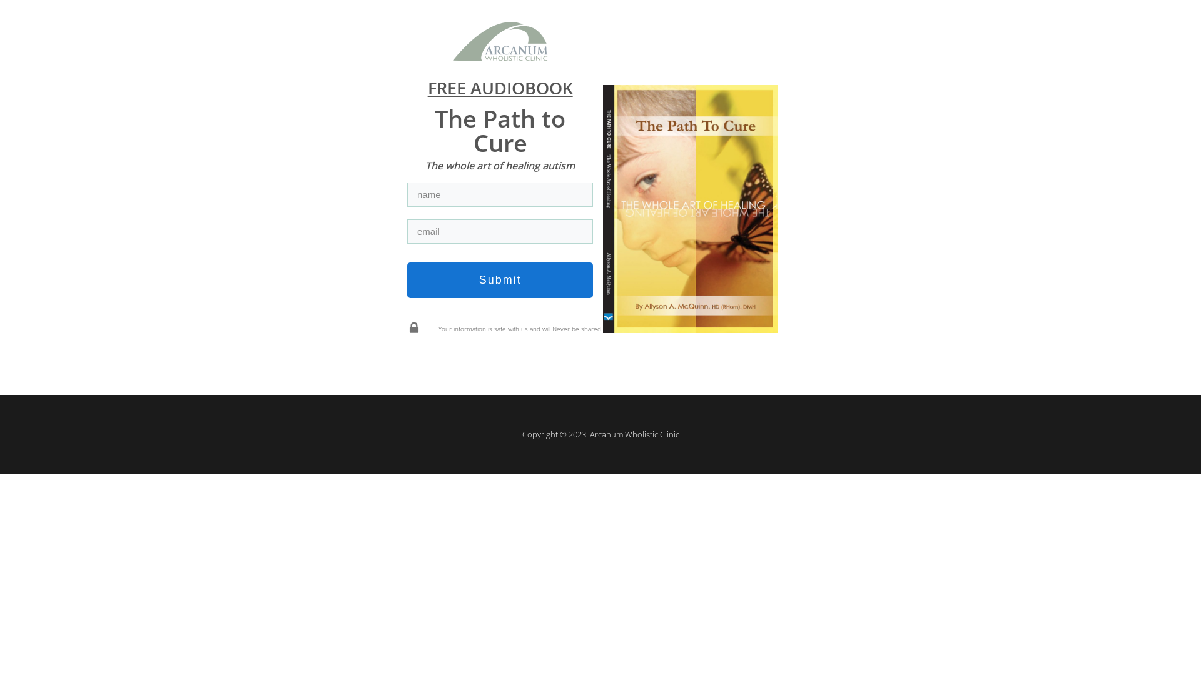 The width and height of the screenshot is (1201, 675). Describe the element at coordinates (689, 208) in the screenshot. I see `'PTC_cover_photo'` at that location.